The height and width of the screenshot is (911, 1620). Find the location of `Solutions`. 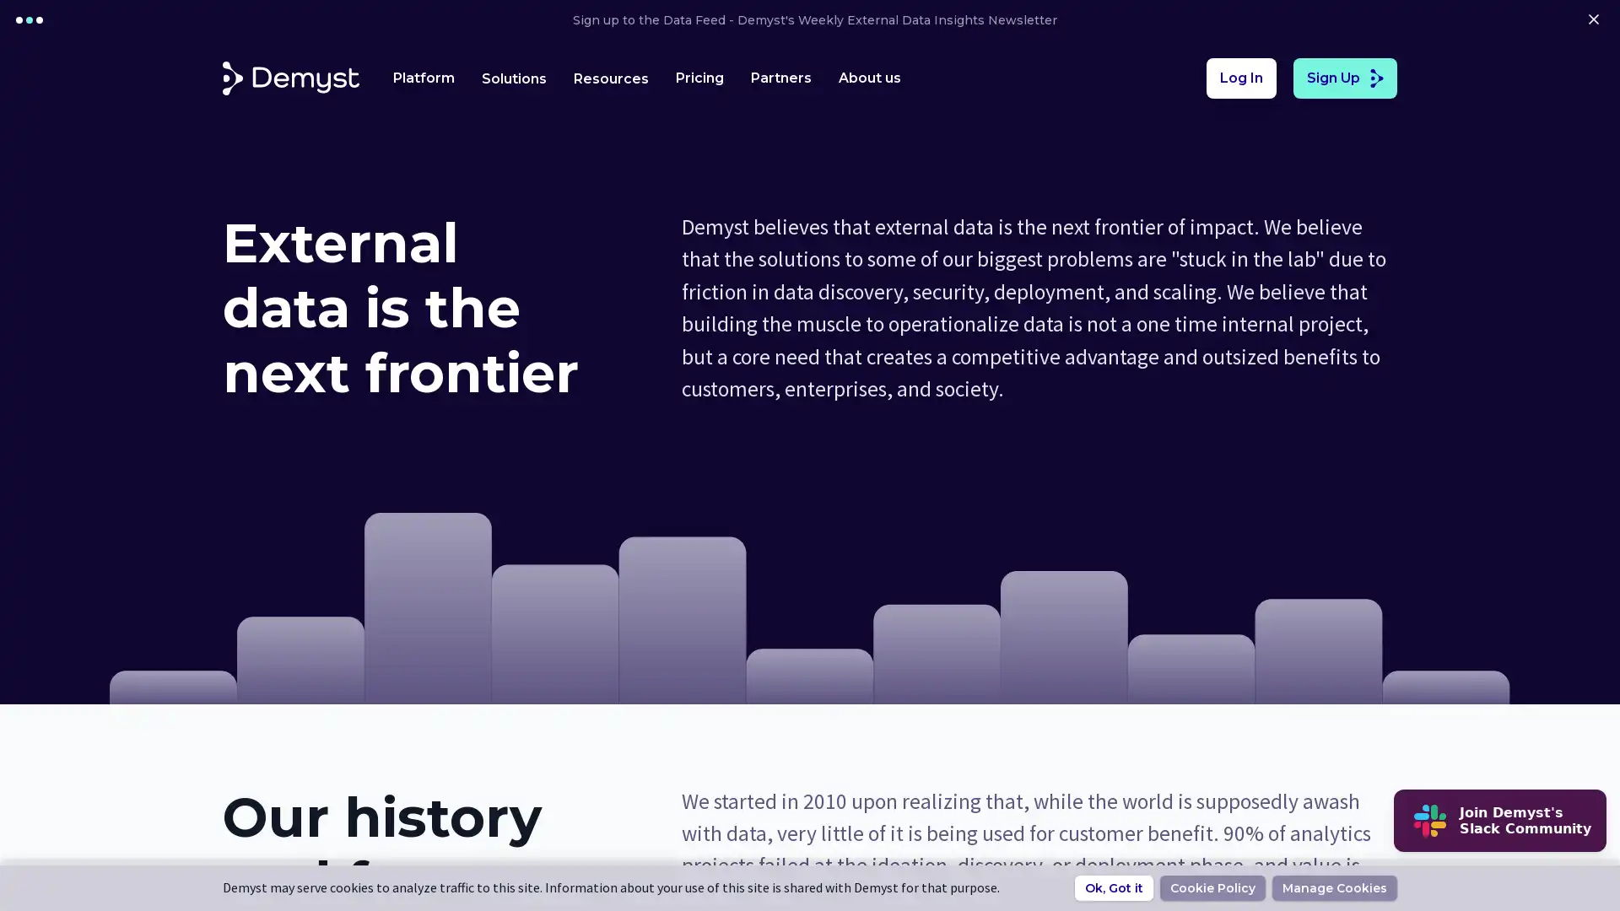

Solutions is located at coordinates (513, 78).